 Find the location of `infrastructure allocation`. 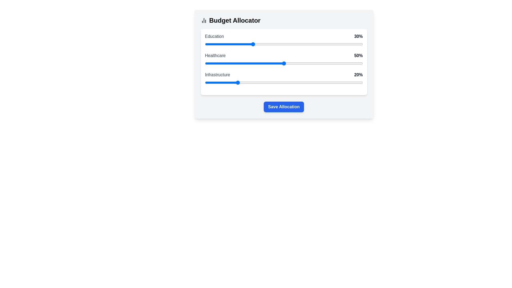

infrastructure allocation is located at coordinates (239, 82).